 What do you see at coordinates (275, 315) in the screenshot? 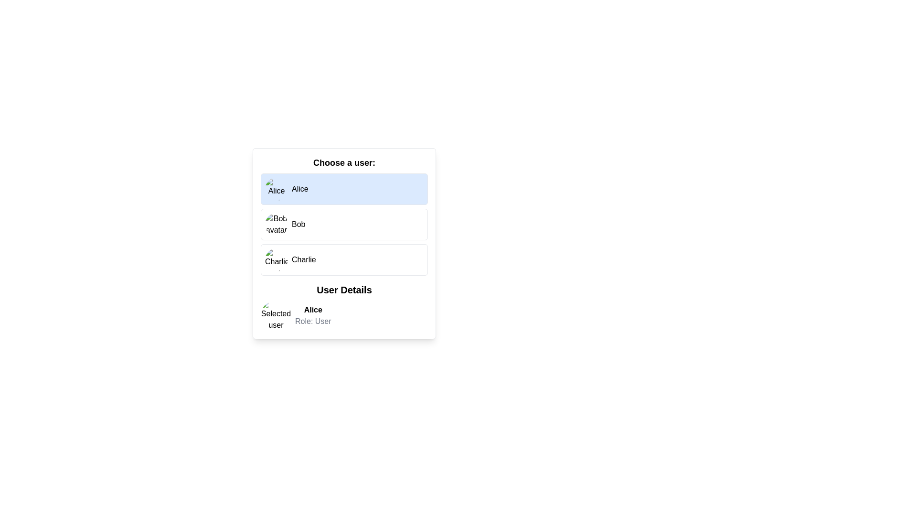
I see `the Avatar Image representing the currently selected user, located to the left of the text 'Alice' and 'Role: User' in the 'User Details' section of the user selection interface` at bounding box center [275, 315].